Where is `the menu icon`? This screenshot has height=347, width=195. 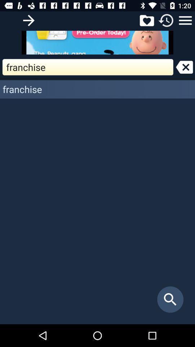 the menu icon is located at coordinates (185, 20).